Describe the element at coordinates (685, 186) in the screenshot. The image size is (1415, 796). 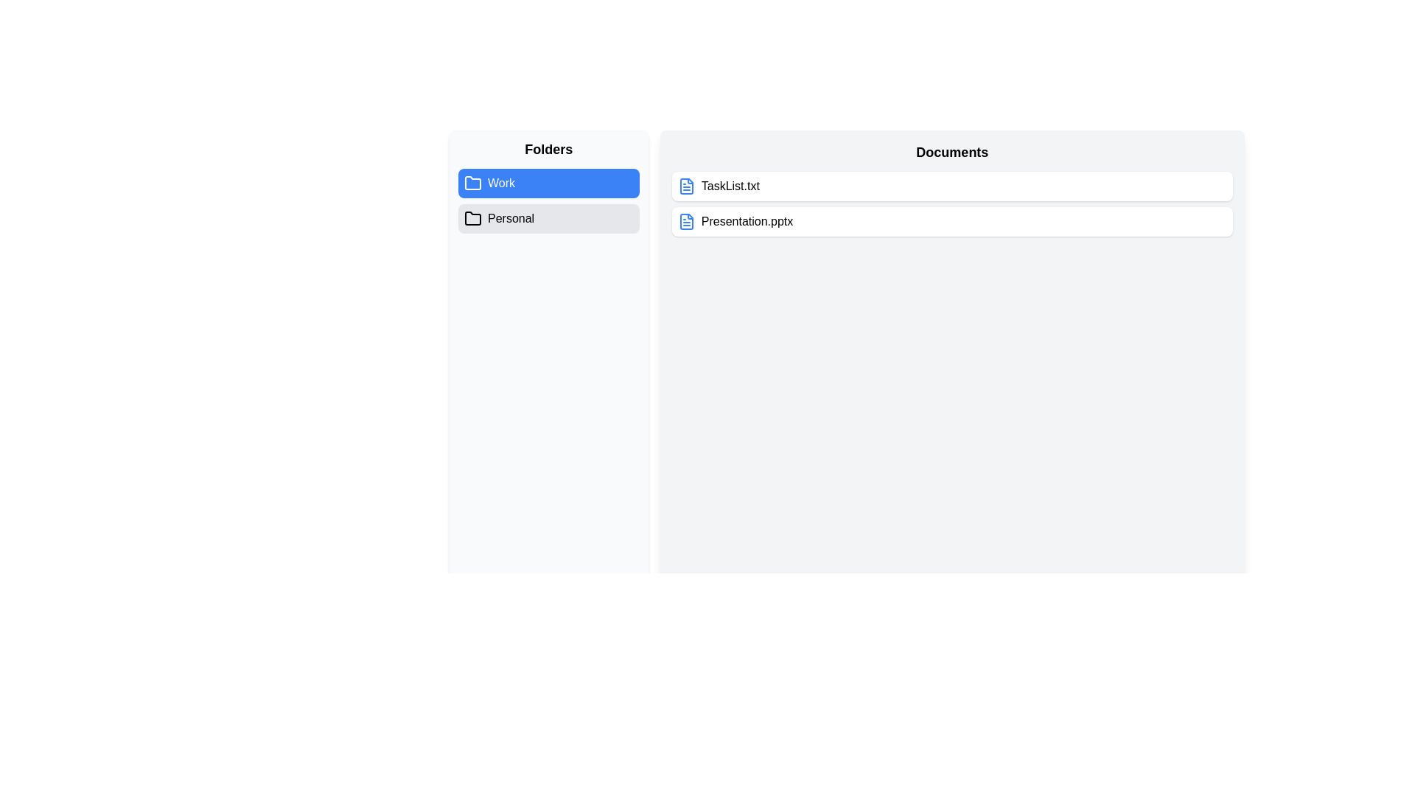
I see `the blue document icon located to the left of the 'TaskList.txt' entry in the list` at that location.